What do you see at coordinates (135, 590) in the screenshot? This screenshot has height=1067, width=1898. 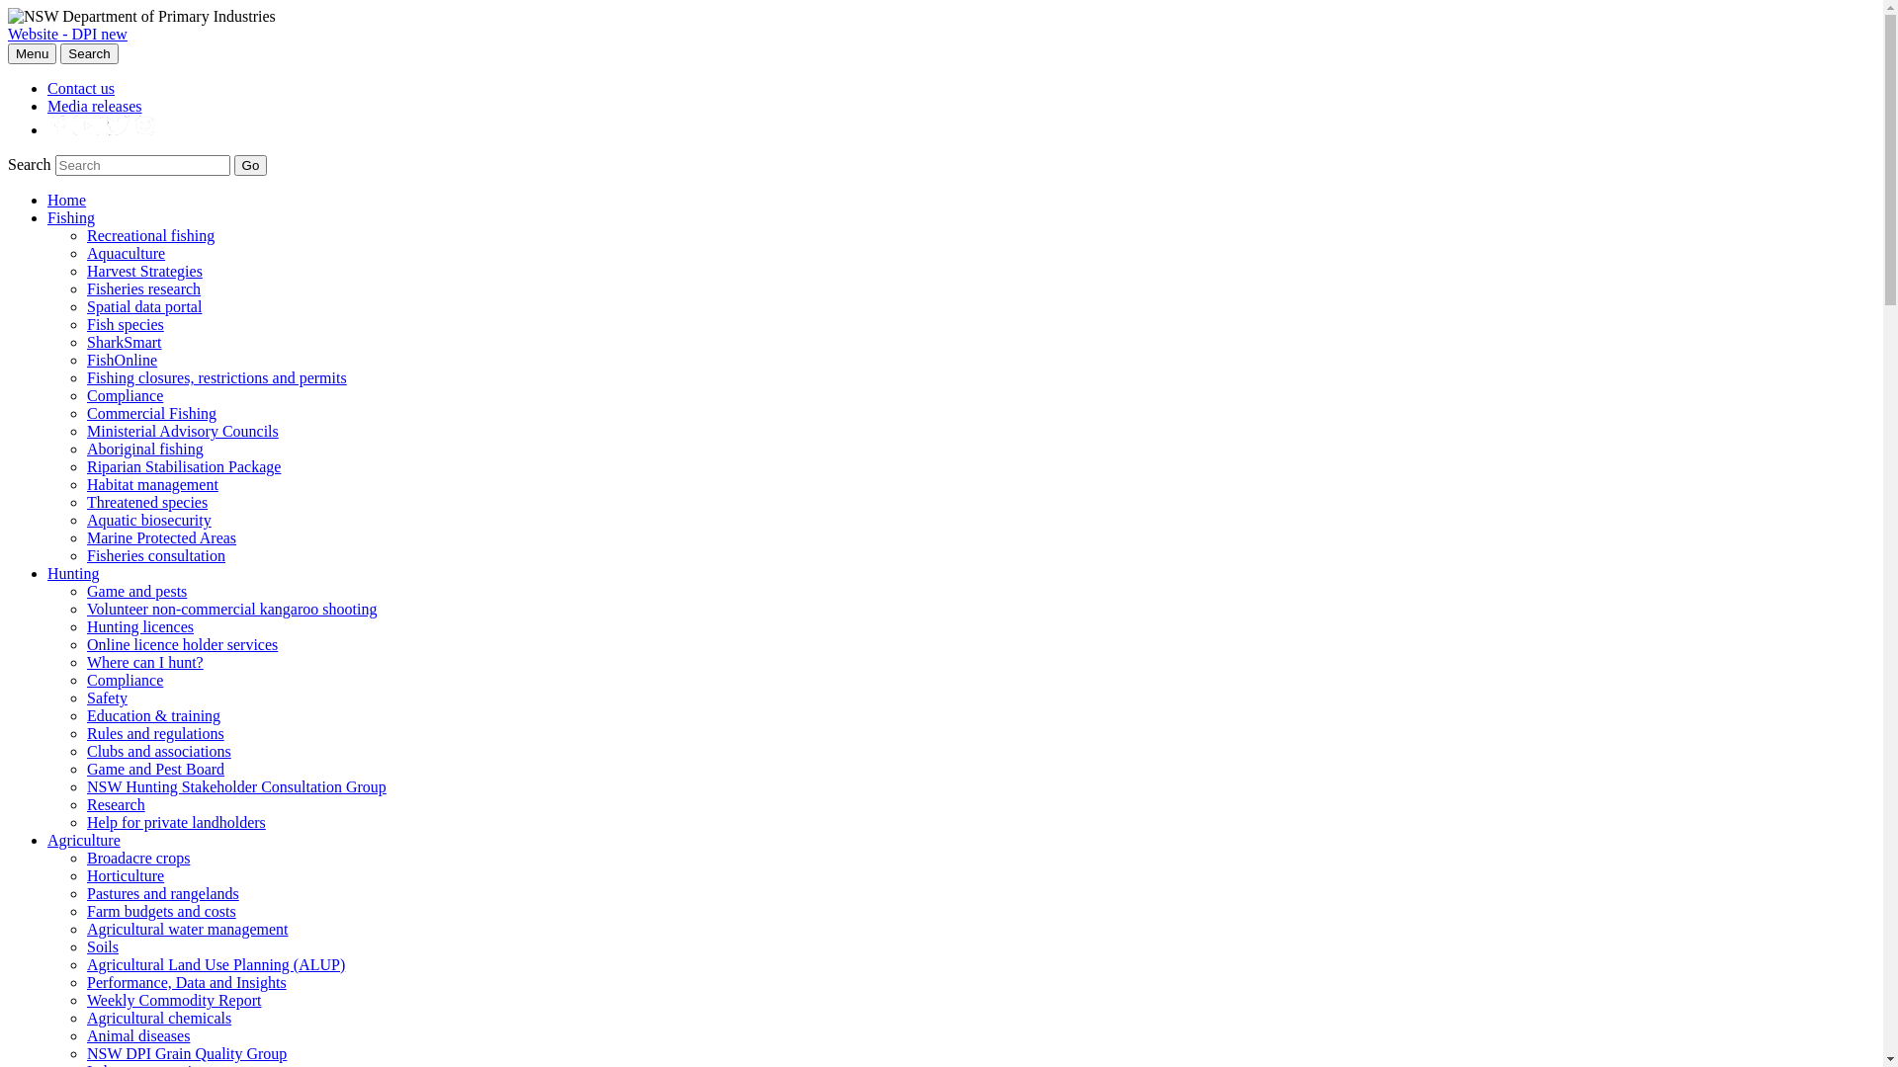 I see `'Game and pests'` at bounding box center [135, 590].